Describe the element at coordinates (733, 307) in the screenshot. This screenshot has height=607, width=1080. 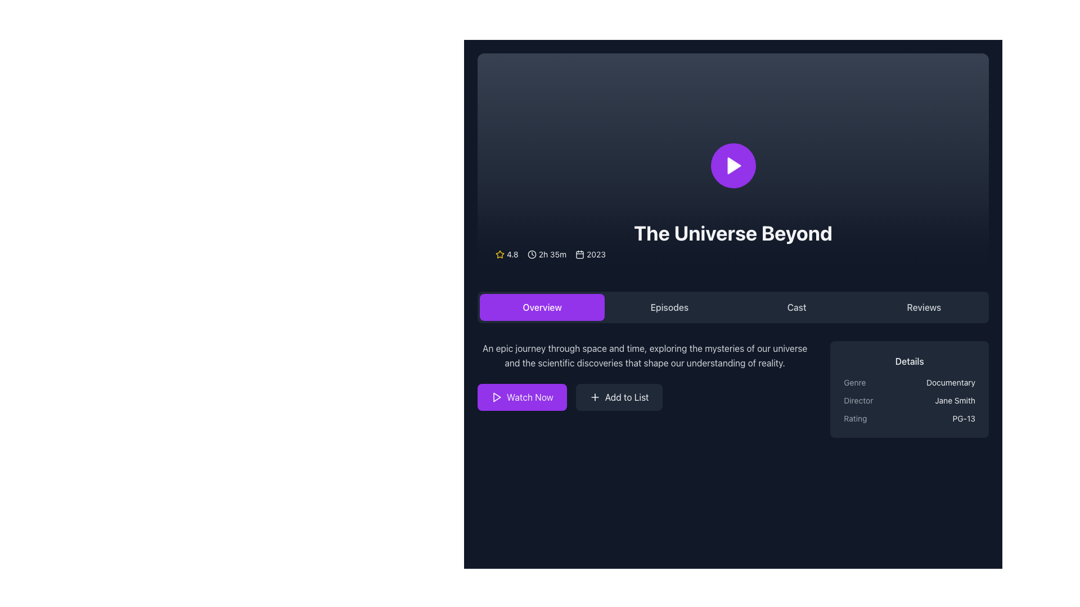
I see `the navigation bar located centrally below the title 'The Universe Beyond'` at that location.